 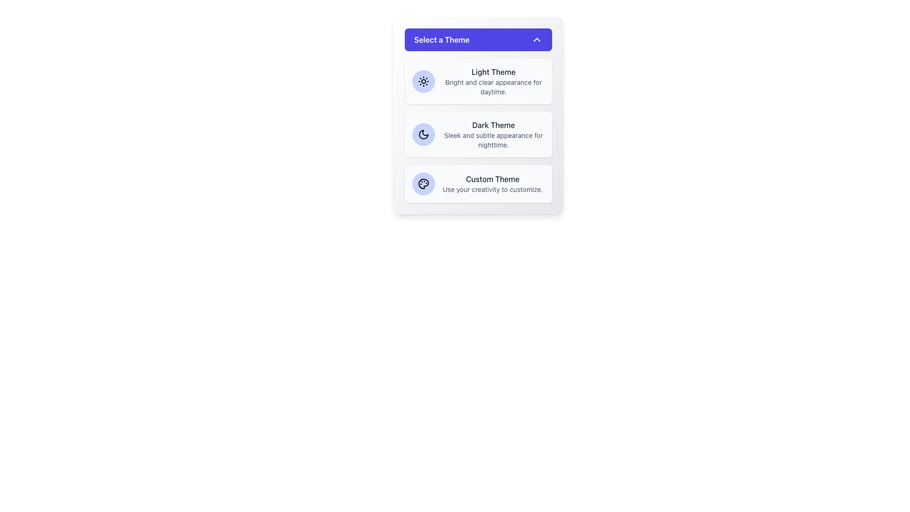 What do you see at coordinates (478, 81) in the screenshot?
I see `the 'Light Theme' selectable card, which is the first option in a list of three cards under the 'Select a Theme' header` at bounding box center [478, 81].